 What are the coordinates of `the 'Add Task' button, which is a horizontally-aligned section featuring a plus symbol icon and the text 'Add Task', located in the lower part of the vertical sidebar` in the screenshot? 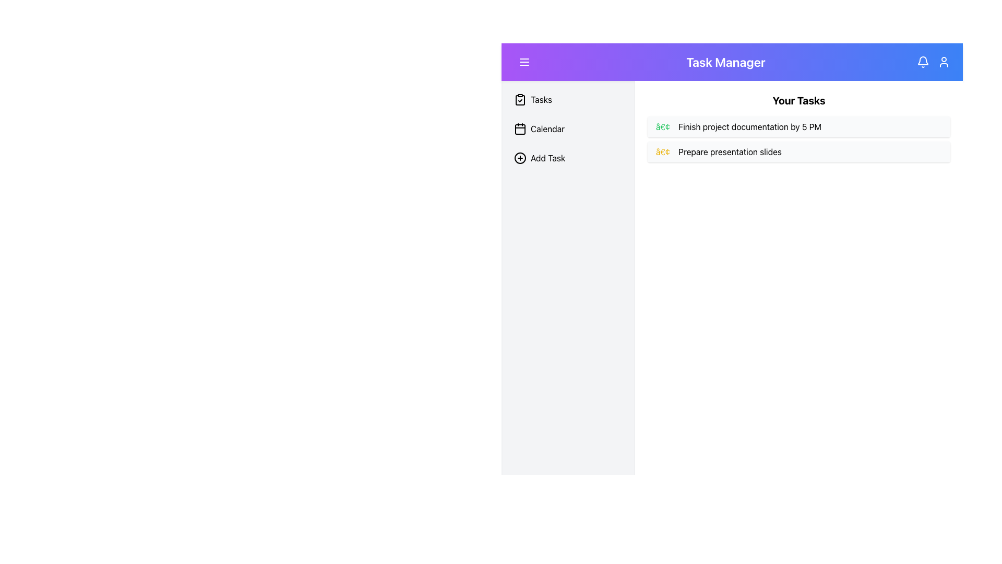 It's located at (540, 158).